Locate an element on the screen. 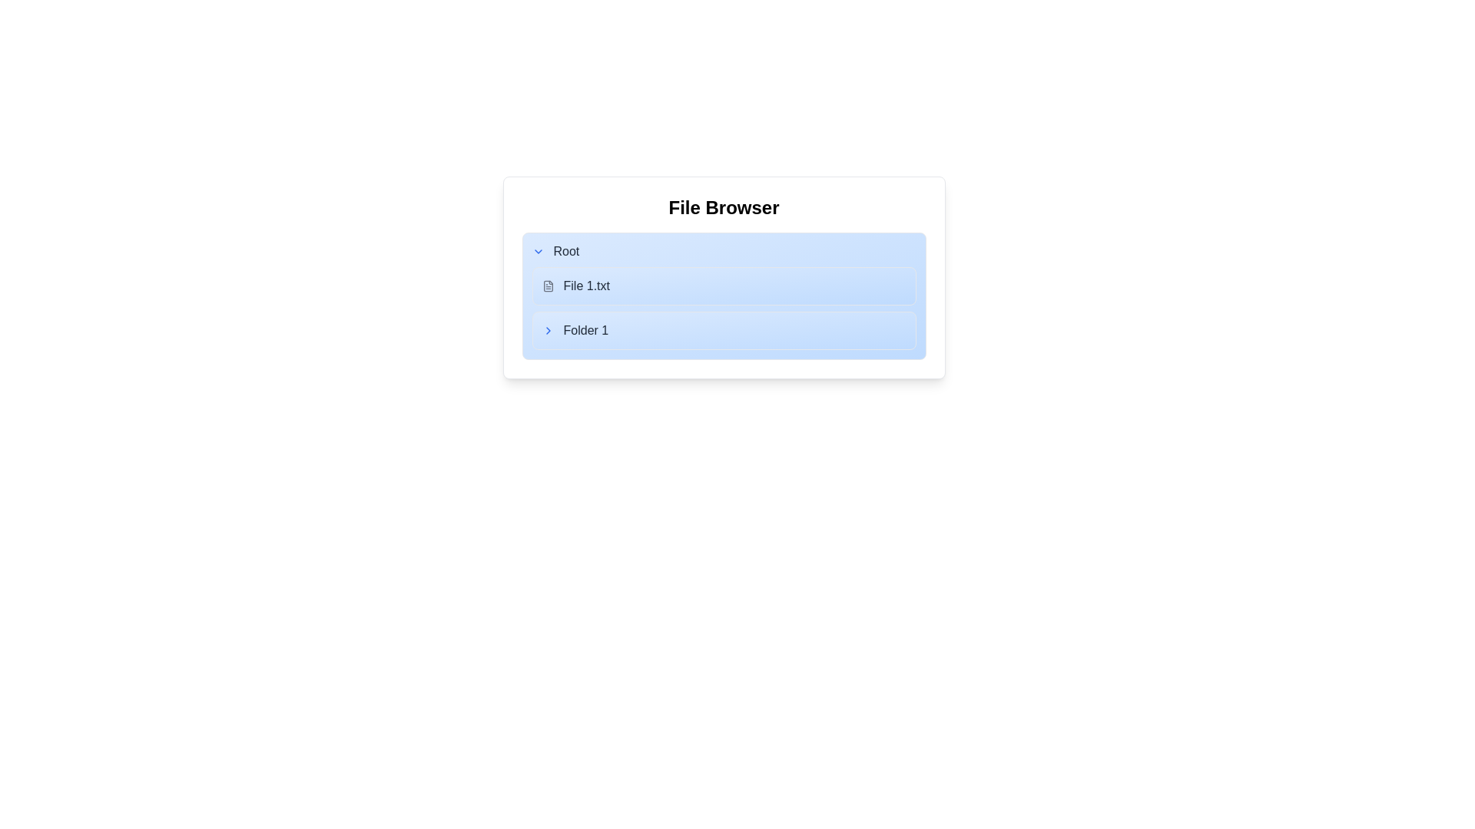 This screenshot has height=829, width=1475. the text label 'File 1.txt' in the file listing is located at coordinates (575, 286).